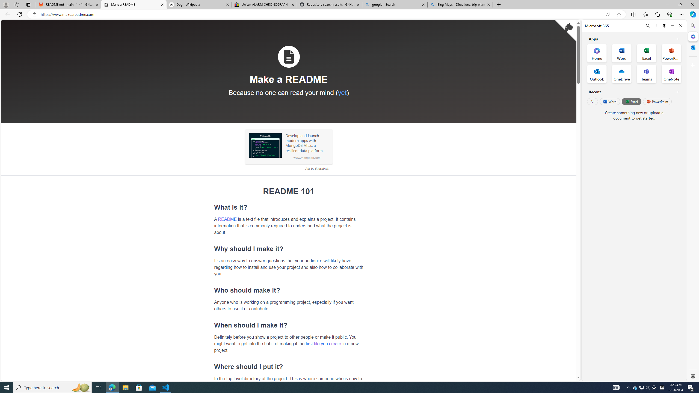 The height and width of the screenshot is (393, 699). Describe the element at coordinates (597, 53) in the screenshot. I see `'Home Office App'` at that location.